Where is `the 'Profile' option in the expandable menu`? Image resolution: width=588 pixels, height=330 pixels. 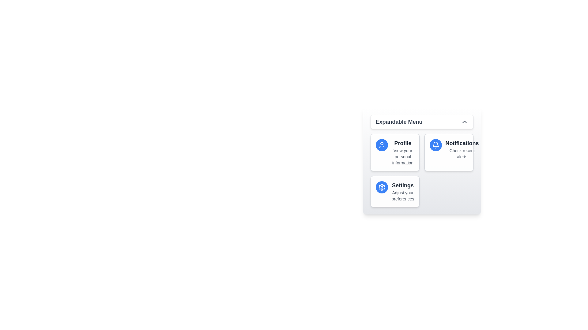 the 'Profile' option in the expandable menu is located at coordinates (403, 143).